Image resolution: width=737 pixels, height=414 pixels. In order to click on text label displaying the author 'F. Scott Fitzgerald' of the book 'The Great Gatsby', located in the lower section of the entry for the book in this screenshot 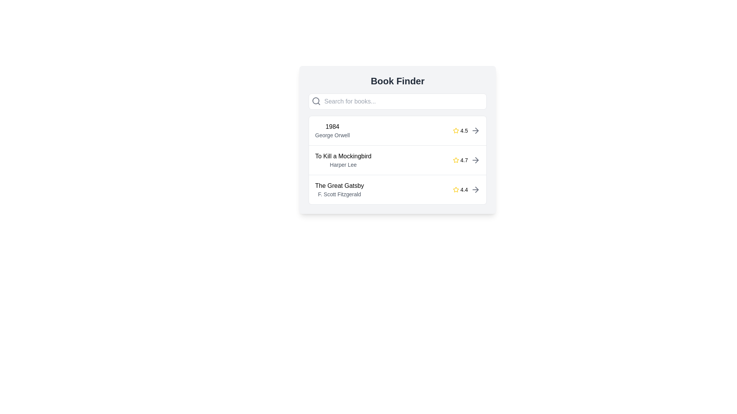, I will do `click(339, 194)`.